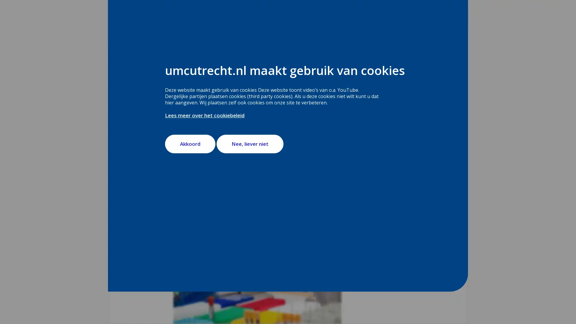  Describe the element at coordinates (199, 94) in the screenshot. I see `ReadSpeaker webReader: Luister met webReader` at that location.